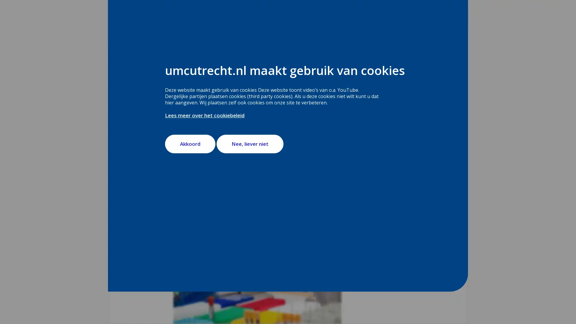  Describe the element at coordinates (199, 94) in the screenshot. I see `ReadSpeaker webReader: Luister met webReader` at that location.